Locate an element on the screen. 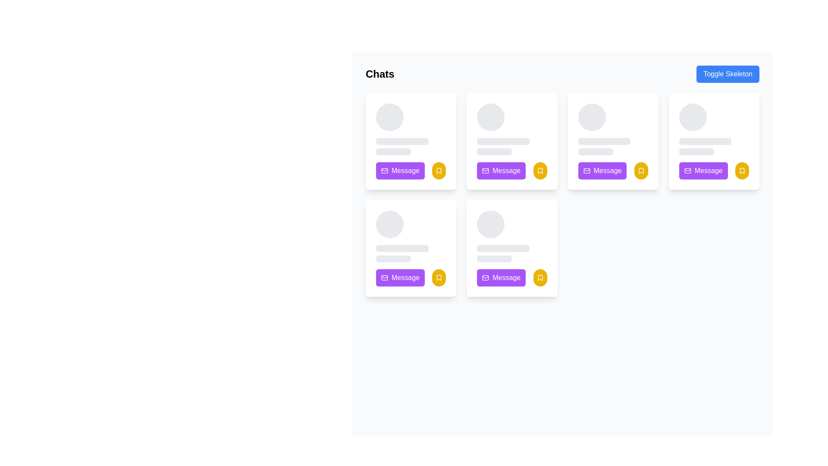 The image size is (828, 466). the 'Message' button with a vibrant purple background and white text located in the bottom-left corner of the third card in the second row of the grid layout is located at coordinates (400, 171).